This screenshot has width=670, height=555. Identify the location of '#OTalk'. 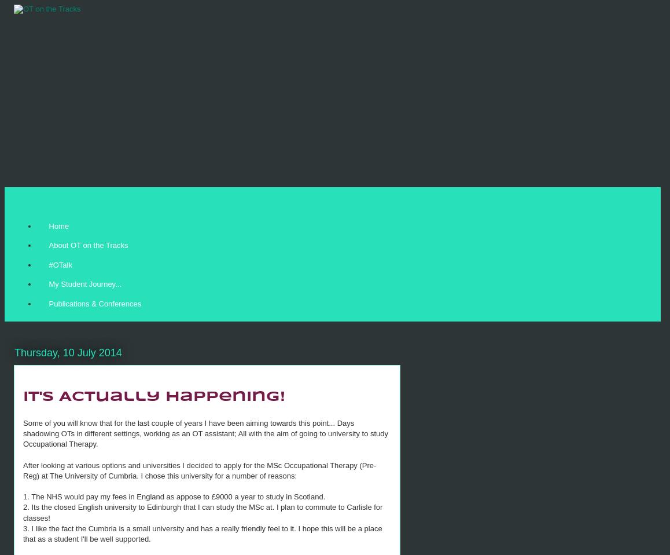
(60, 264).